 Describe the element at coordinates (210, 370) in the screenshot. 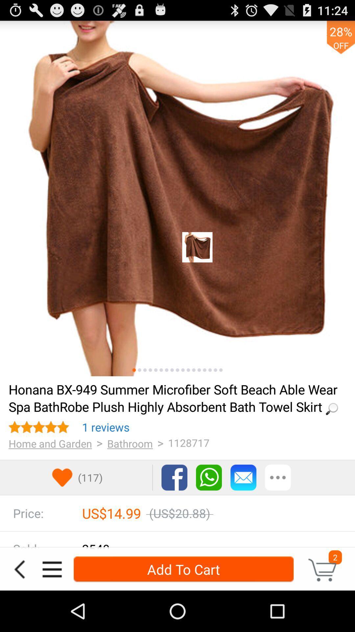

I see `see photos` at that location.